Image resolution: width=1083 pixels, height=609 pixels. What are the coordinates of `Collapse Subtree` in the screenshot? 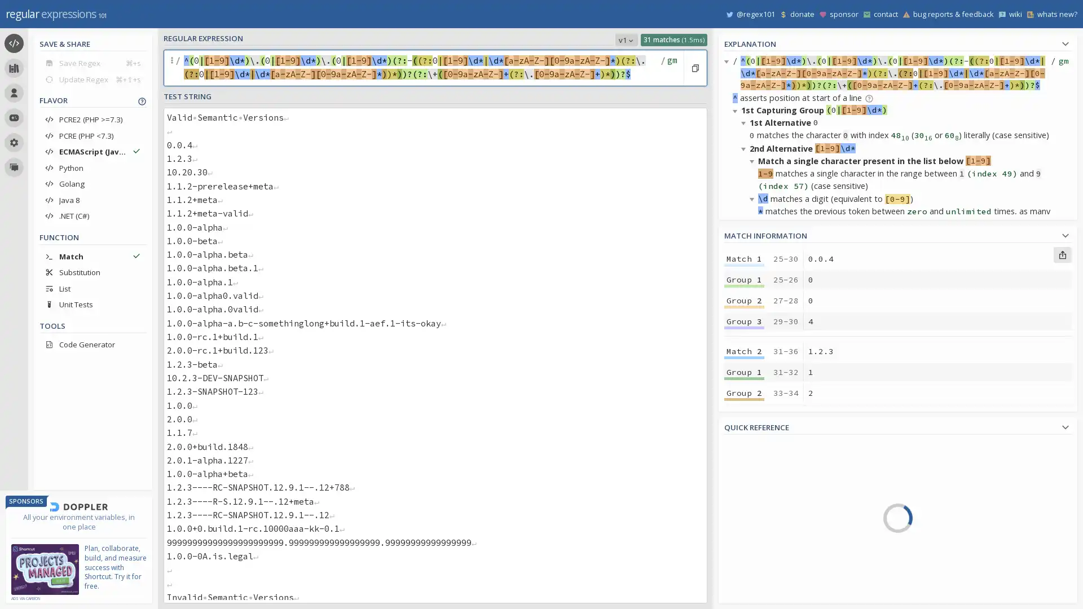 It's located at (745, 288).